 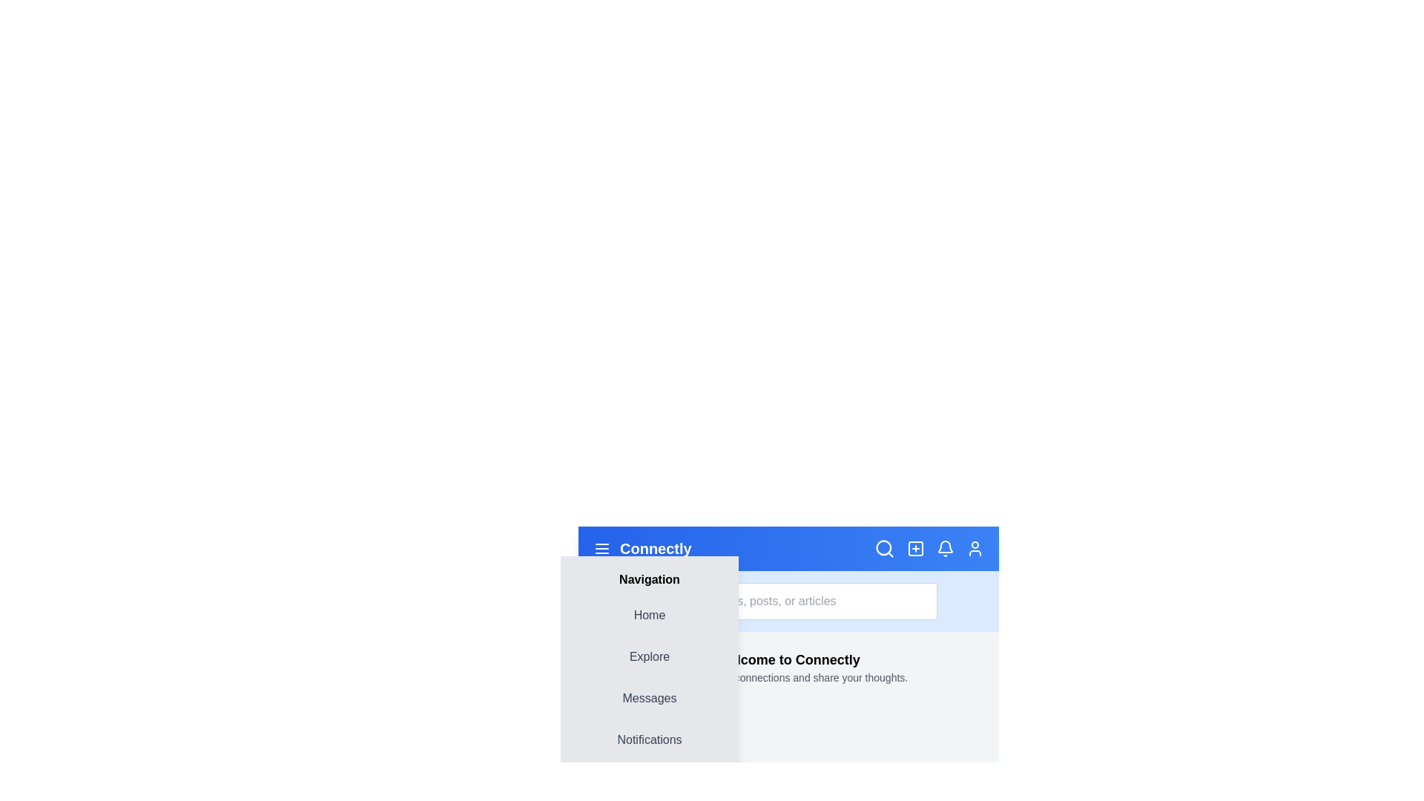 I want to click on the 'Add' button represented by the PlusSquare icon, so click(x=914, y=549).